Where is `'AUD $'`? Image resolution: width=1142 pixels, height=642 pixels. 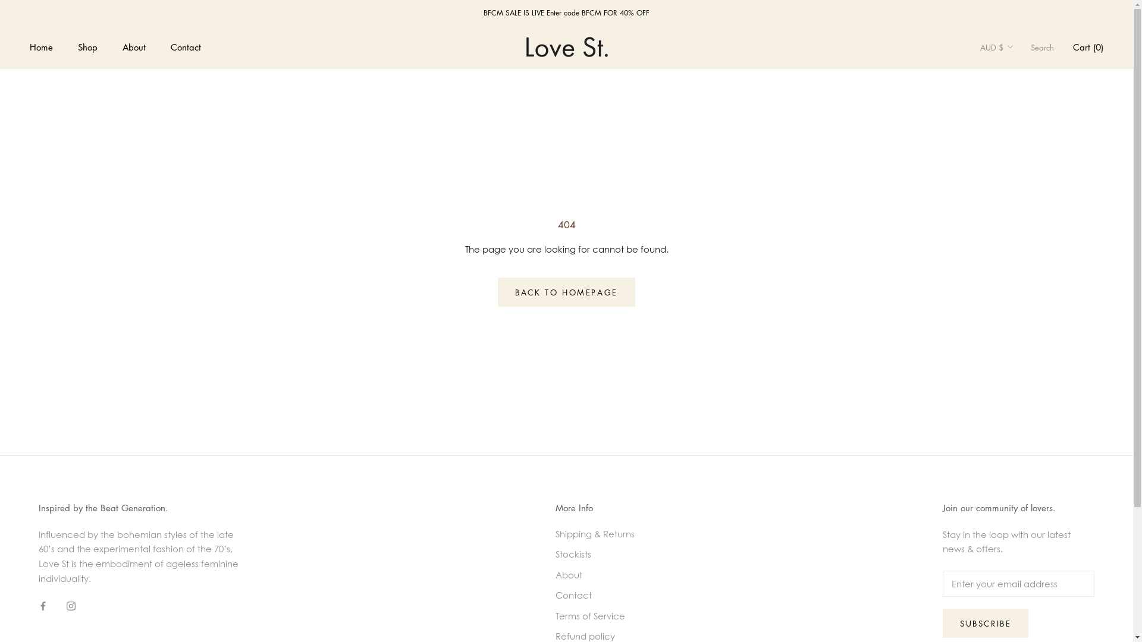
'AUD $' is located at coordinates (997, 46).